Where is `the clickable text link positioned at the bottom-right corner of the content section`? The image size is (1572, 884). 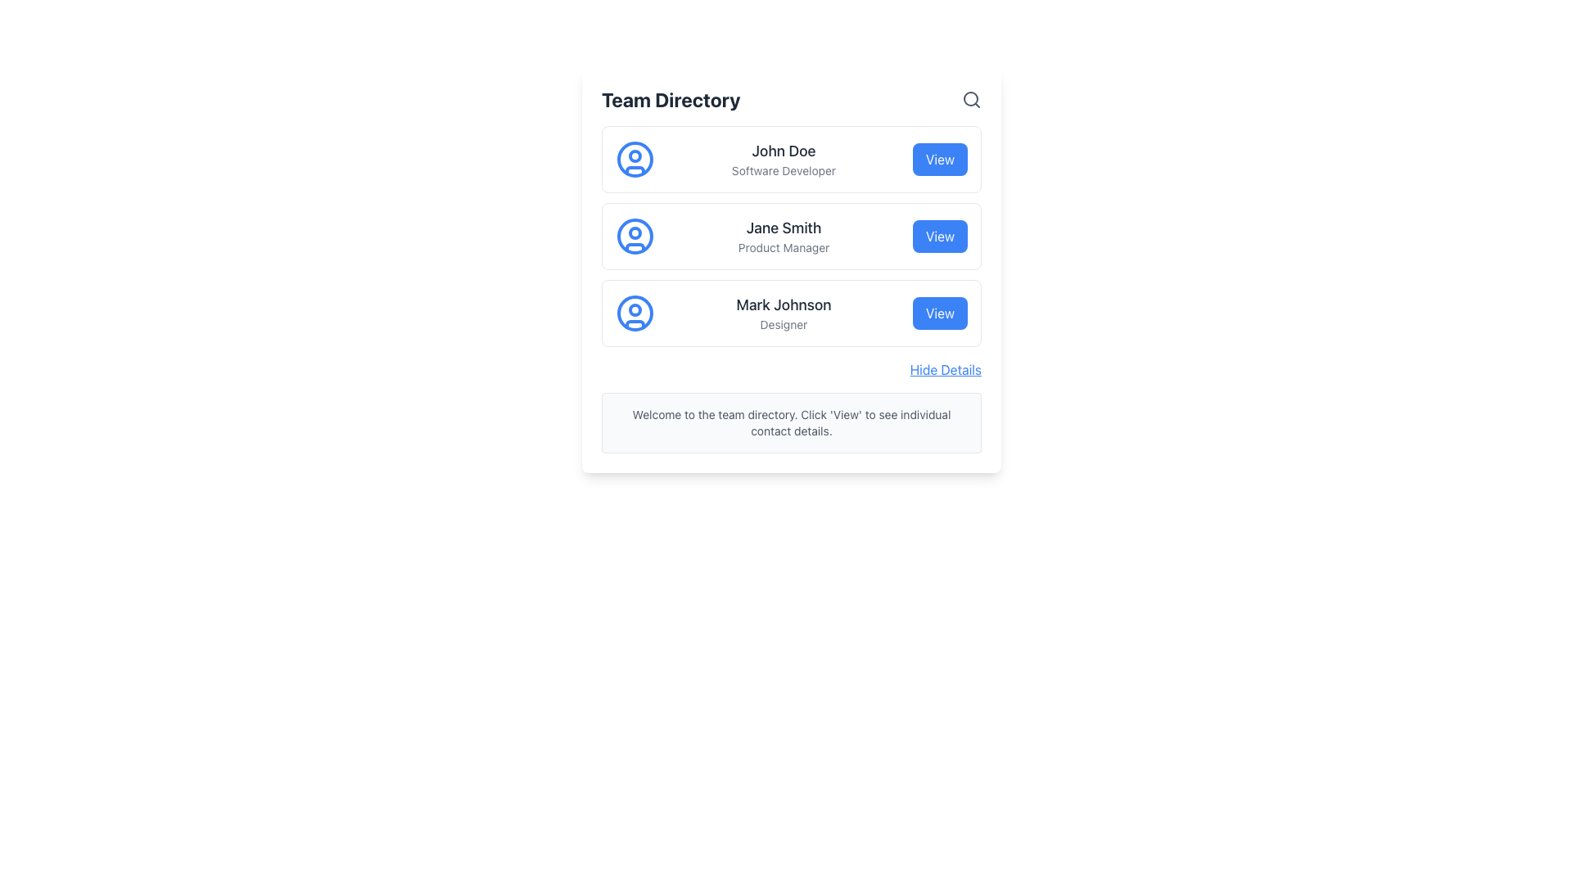
the clickable text link positioned at the bottom-right corner of the content section is located at coordinates (946, 369).